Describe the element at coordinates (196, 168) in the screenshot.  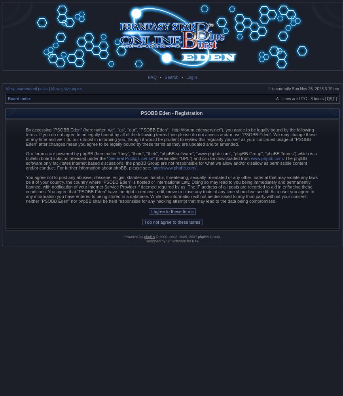
I see `'.'` at that location.